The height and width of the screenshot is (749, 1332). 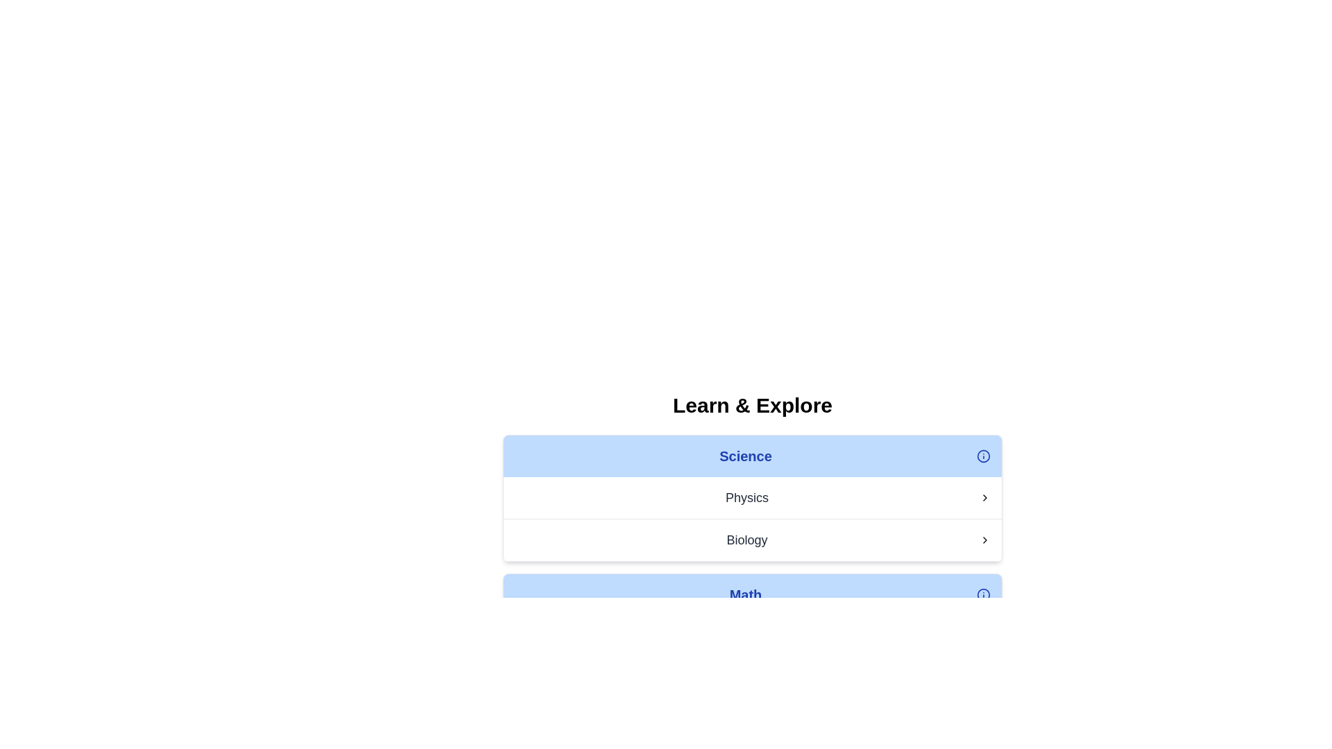 I want to click on the selectable text item in the 'Science' section, so click(x=746, y=497).